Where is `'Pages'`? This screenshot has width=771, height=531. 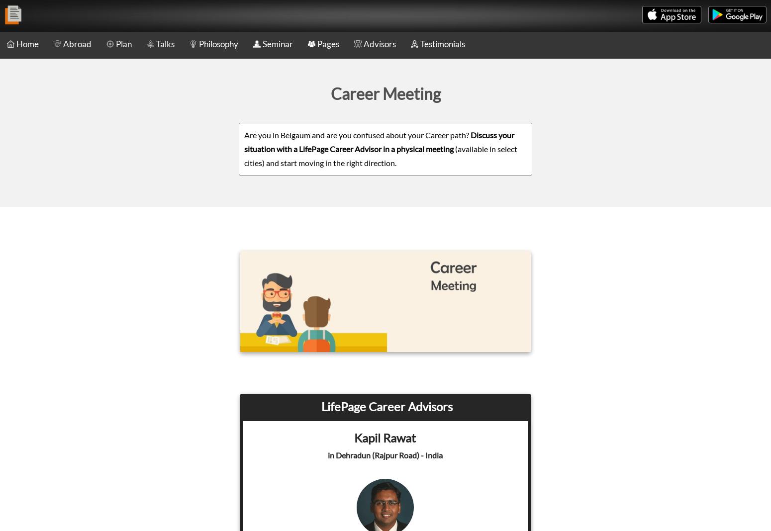
'Pages' is located at coordinates (327, 43).